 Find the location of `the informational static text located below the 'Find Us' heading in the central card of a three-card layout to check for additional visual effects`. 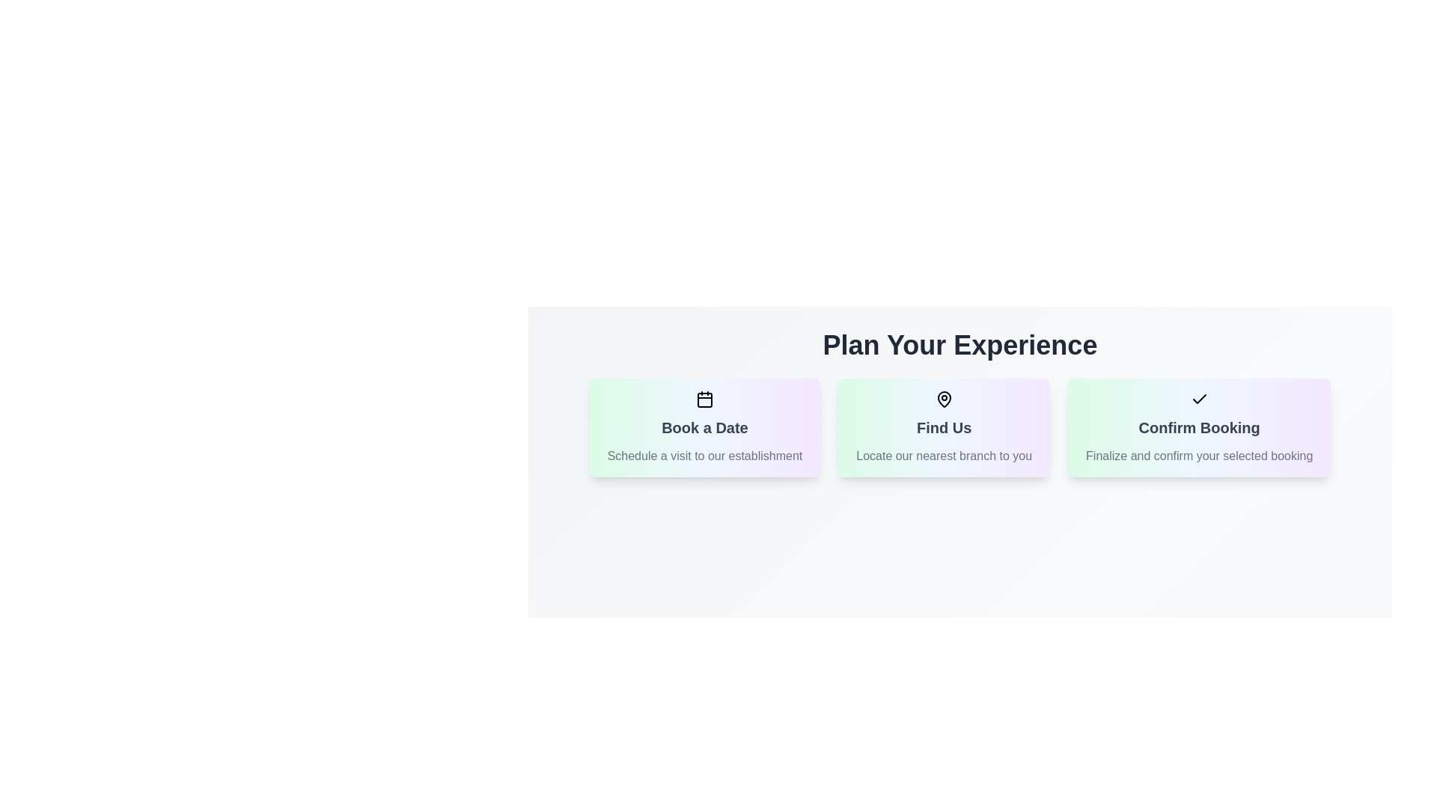

the informational static text located below the 'Find Us' heading in the central card of a three-card layout to check for additional visual effects is located at coordinates (943, 455).